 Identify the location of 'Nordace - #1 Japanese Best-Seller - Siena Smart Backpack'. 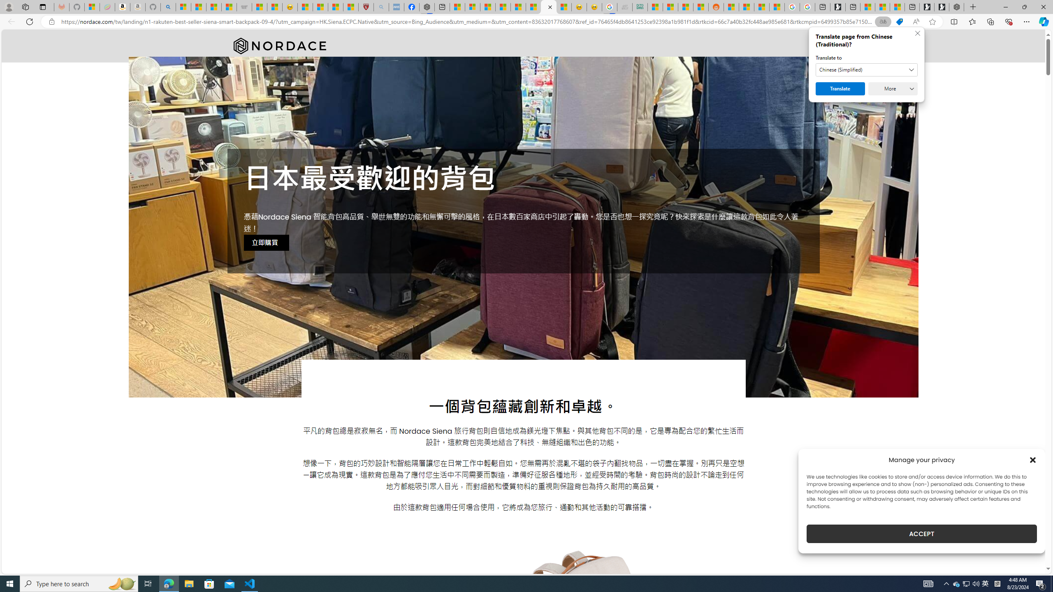
(549, 7).